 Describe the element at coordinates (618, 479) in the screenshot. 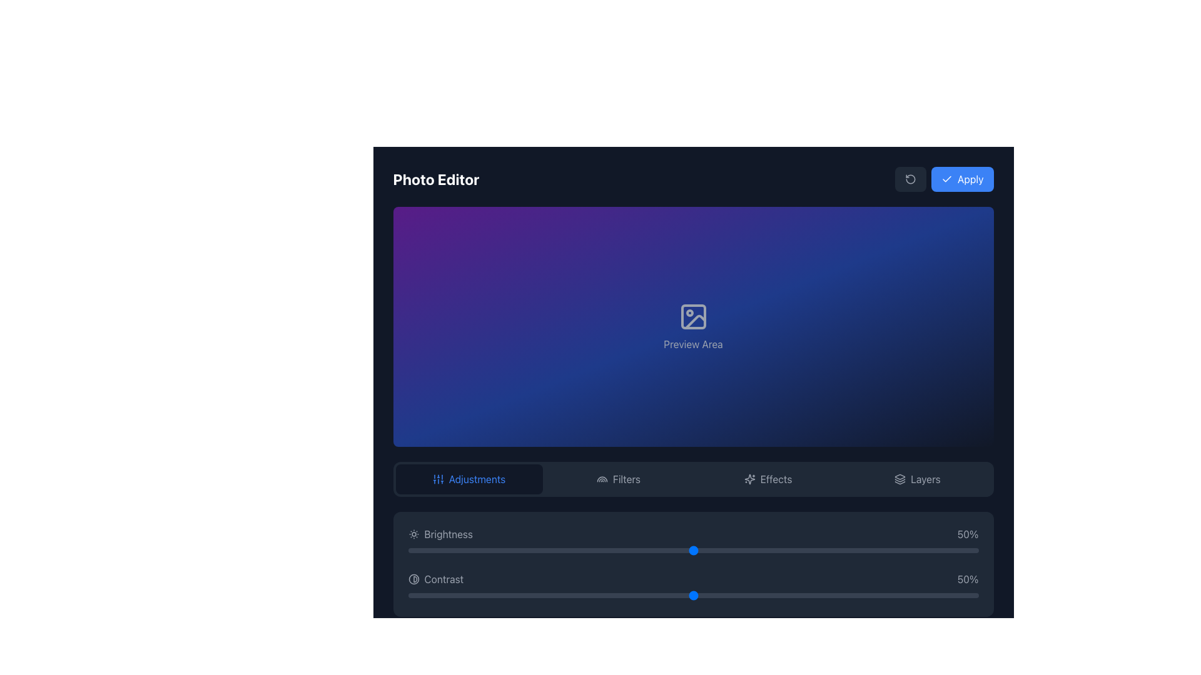

I see `the filter button located` at that location.